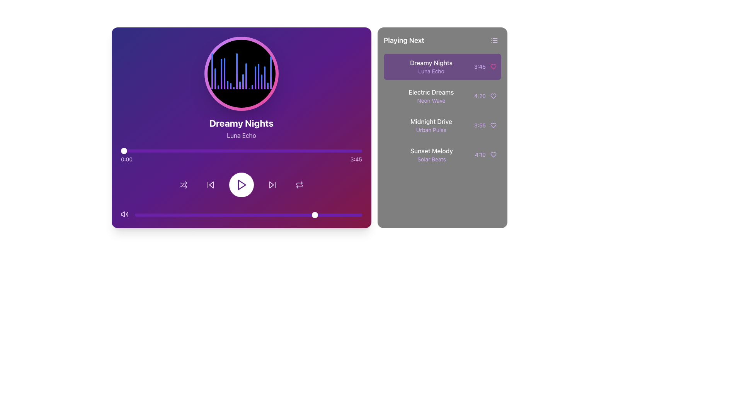 The image size is (742, 417). I want to click on the text label displaying 'Sunset Melody', so click(431, 151).